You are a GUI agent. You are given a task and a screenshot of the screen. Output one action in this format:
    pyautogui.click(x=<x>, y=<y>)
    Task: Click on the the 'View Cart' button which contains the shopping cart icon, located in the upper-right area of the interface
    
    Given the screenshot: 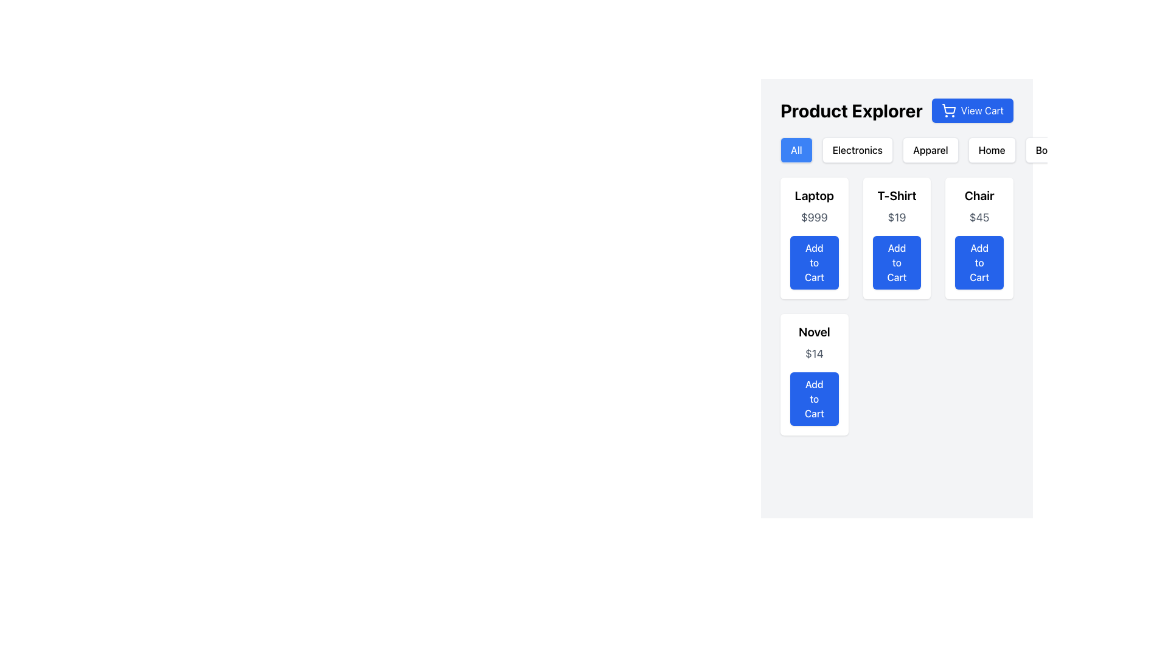 What is the action you would take?
    pyautogui.click(x=948, y=110)
    